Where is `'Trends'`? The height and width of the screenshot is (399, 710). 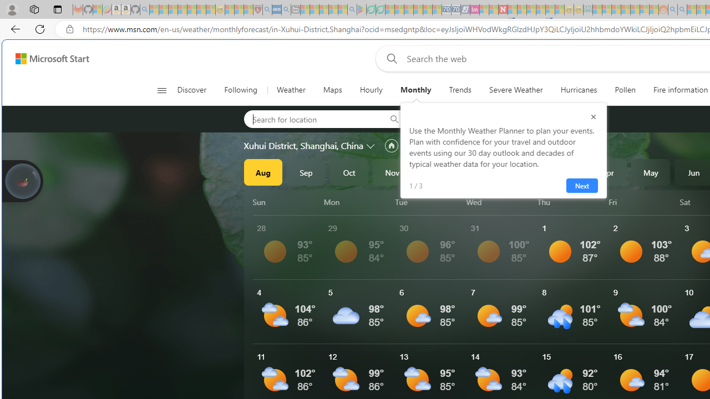 'Trends' is located at coordinates (460, 90).